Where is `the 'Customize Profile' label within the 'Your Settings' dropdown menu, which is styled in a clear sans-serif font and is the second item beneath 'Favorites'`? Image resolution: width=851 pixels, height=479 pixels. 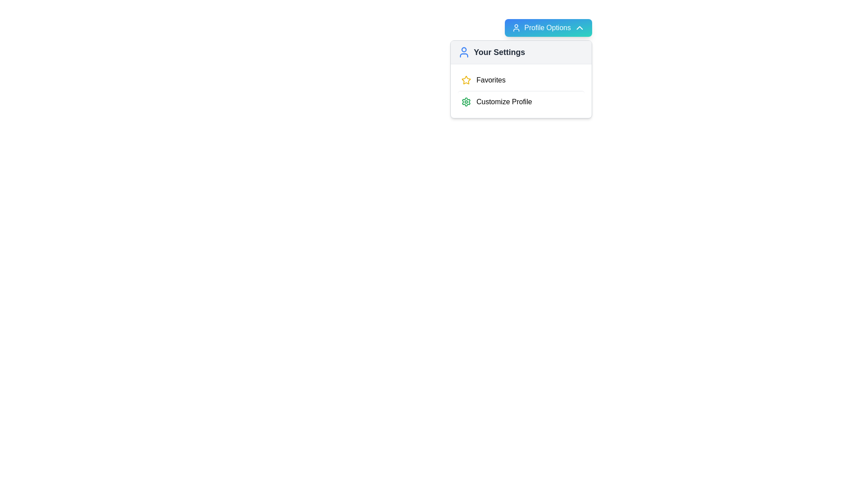
the 'Customize Profile' label within the 'Your Settings' dropdown menu, which is styled in a clear sans-serif font and is the second item beneath 'Favorites' is located at coordinates (504, 102).